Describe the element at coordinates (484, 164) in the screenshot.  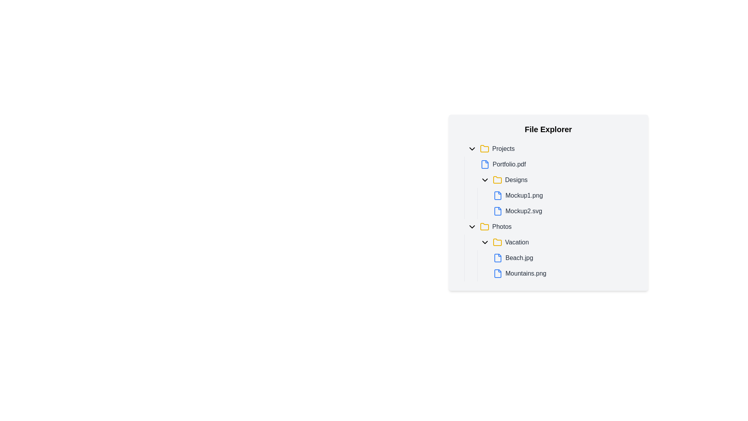
I see `the file icon with a blue stroke adjacent to 'Portfolio.pdf' in the Projects category` at that location.